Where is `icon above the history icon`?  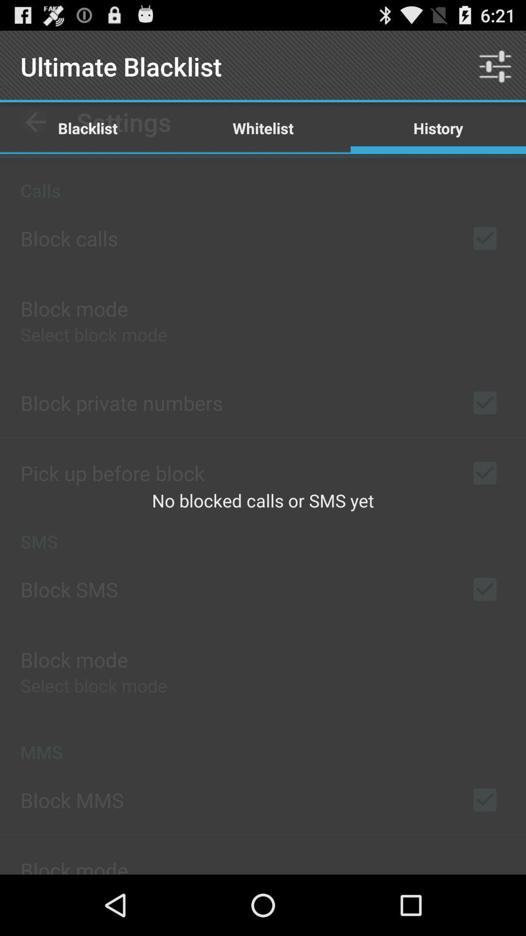
icon above the history icon is located at coordinates (495, 66).